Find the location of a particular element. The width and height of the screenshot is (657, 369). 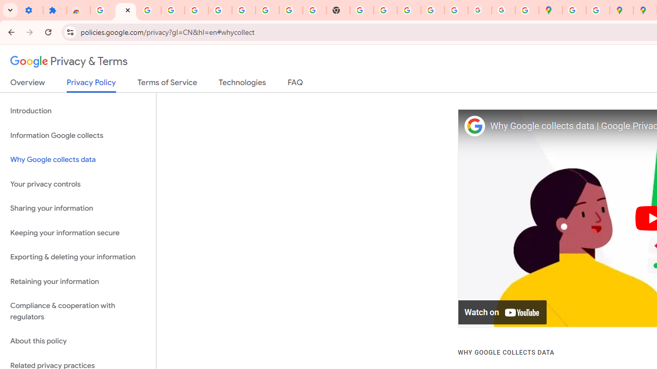

'Keeping your information secure' is located at coordinates (78, 233).